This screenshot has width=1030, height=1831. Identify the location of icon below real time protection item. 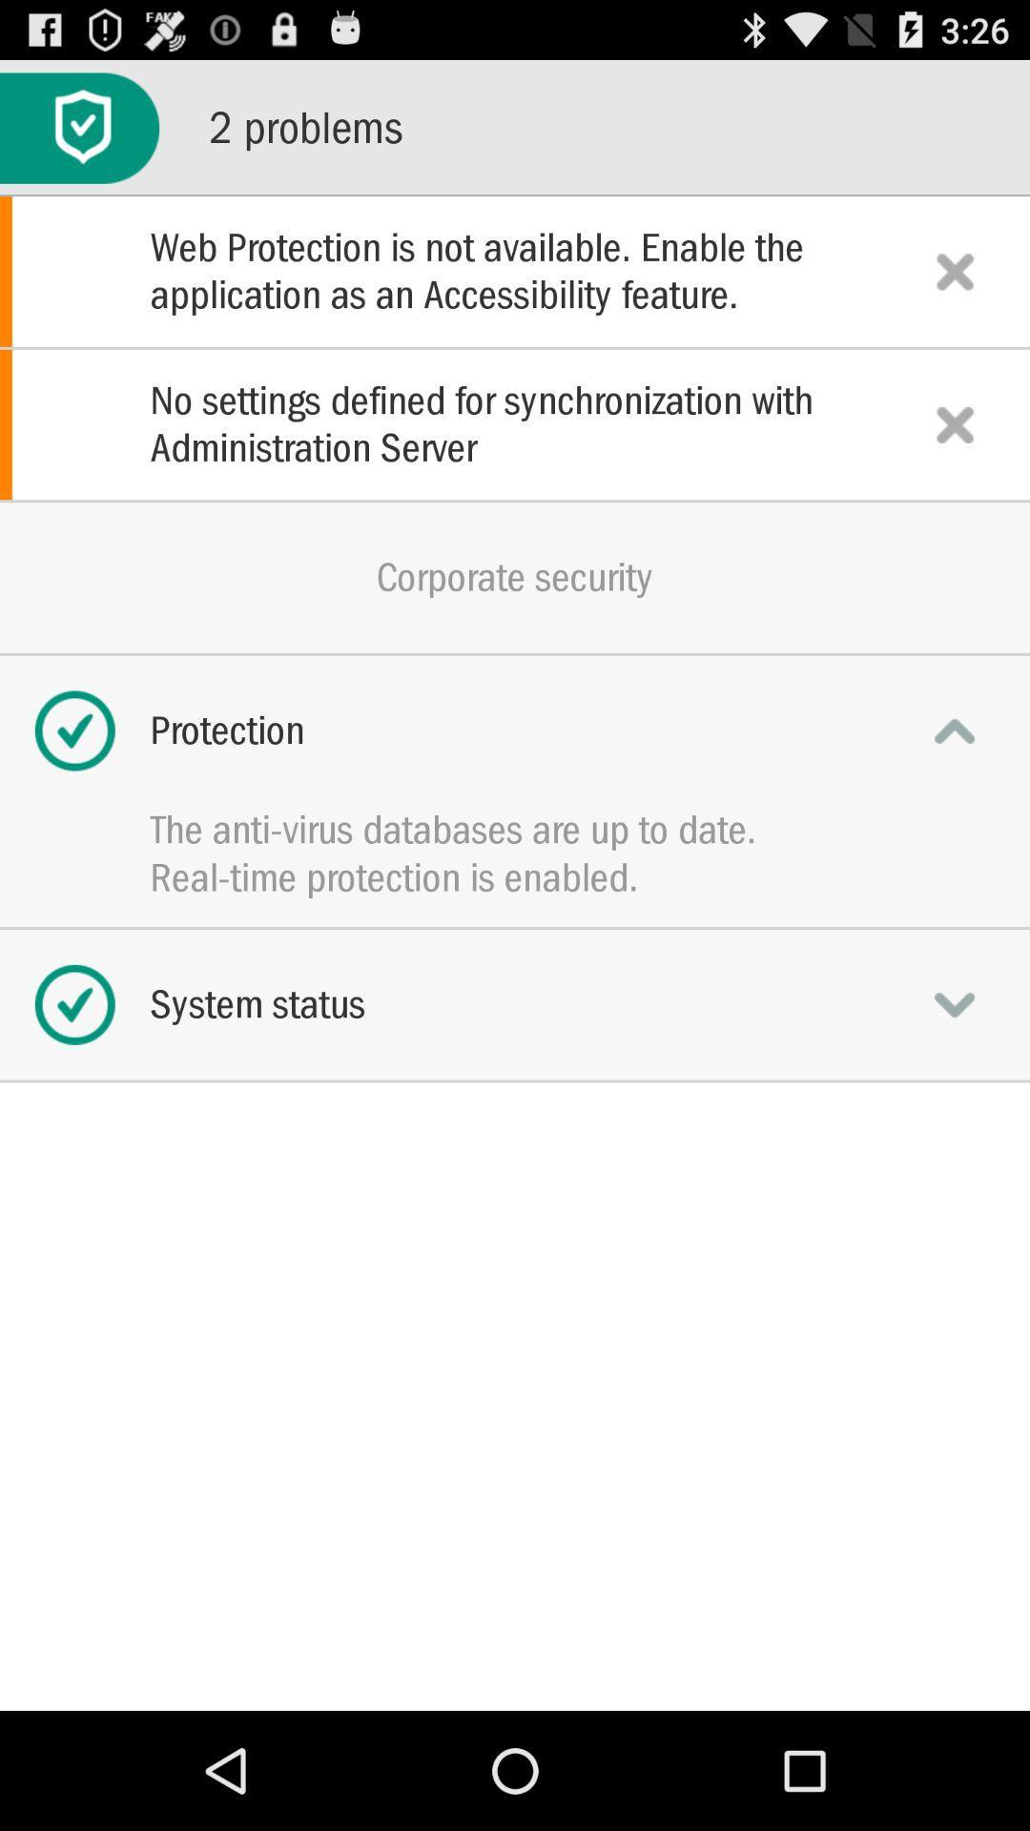
(515, 1003).